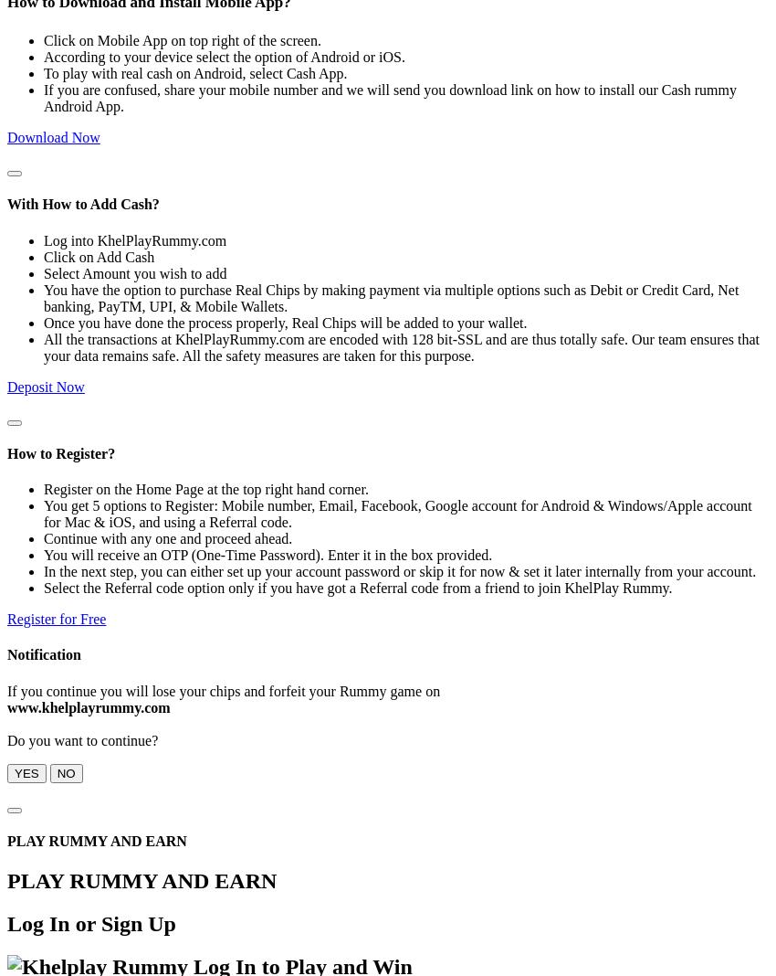 The height and width of the screenshot is (976, 776). I want to click on 'You will receive an OTP (One-Time Password). Enter it in the box provided.', so click(267, 554).